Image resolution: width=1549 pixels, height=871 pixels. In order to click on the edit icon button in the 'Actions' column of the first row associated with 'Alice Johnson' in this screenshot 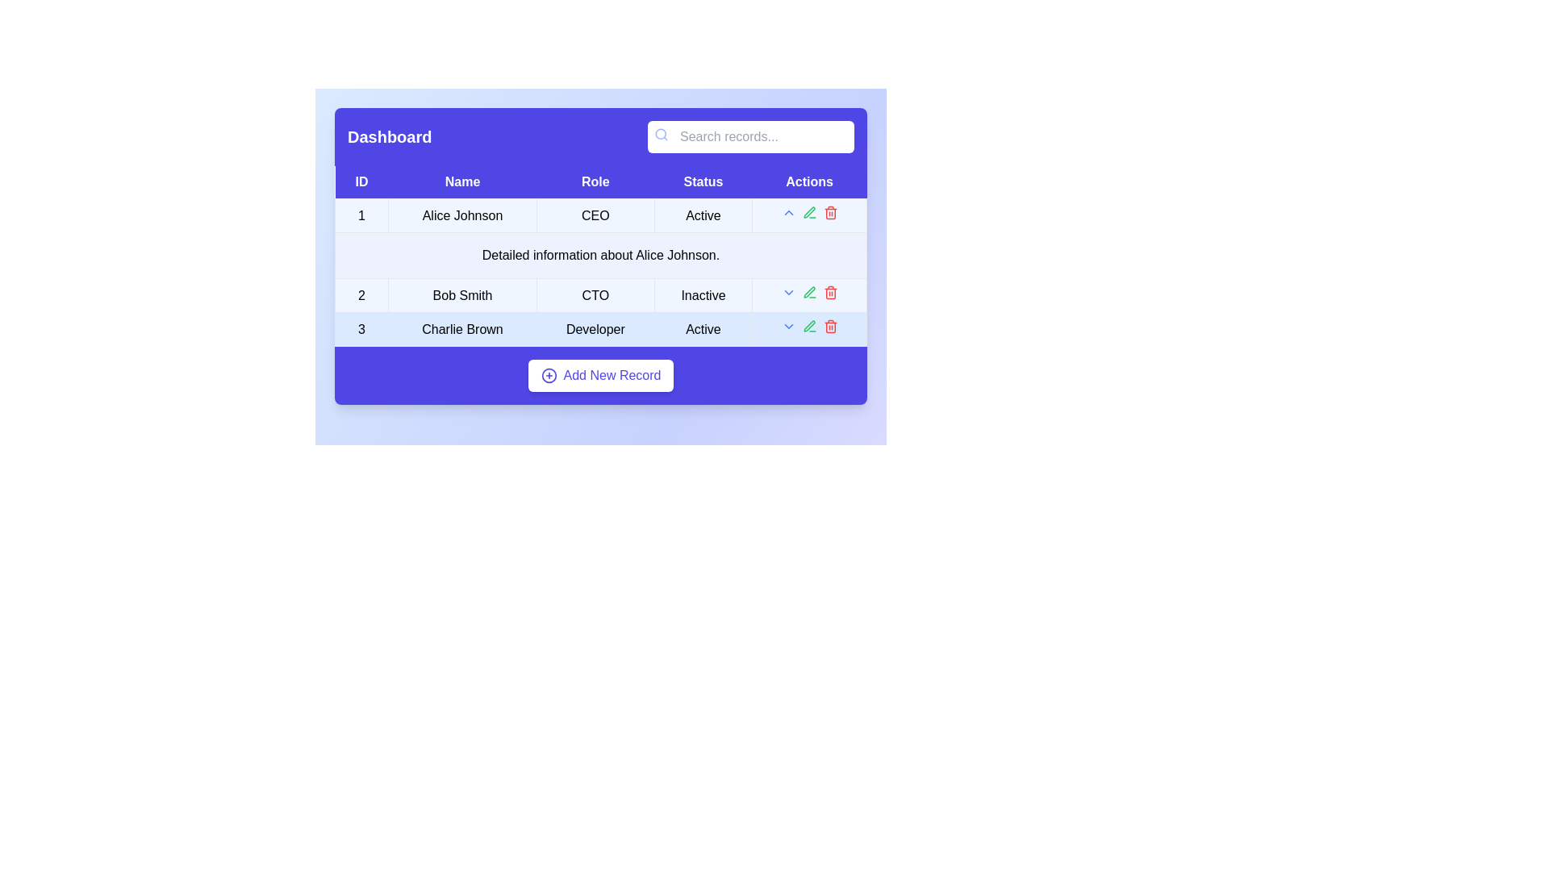, I will do `click(809, 211)`.